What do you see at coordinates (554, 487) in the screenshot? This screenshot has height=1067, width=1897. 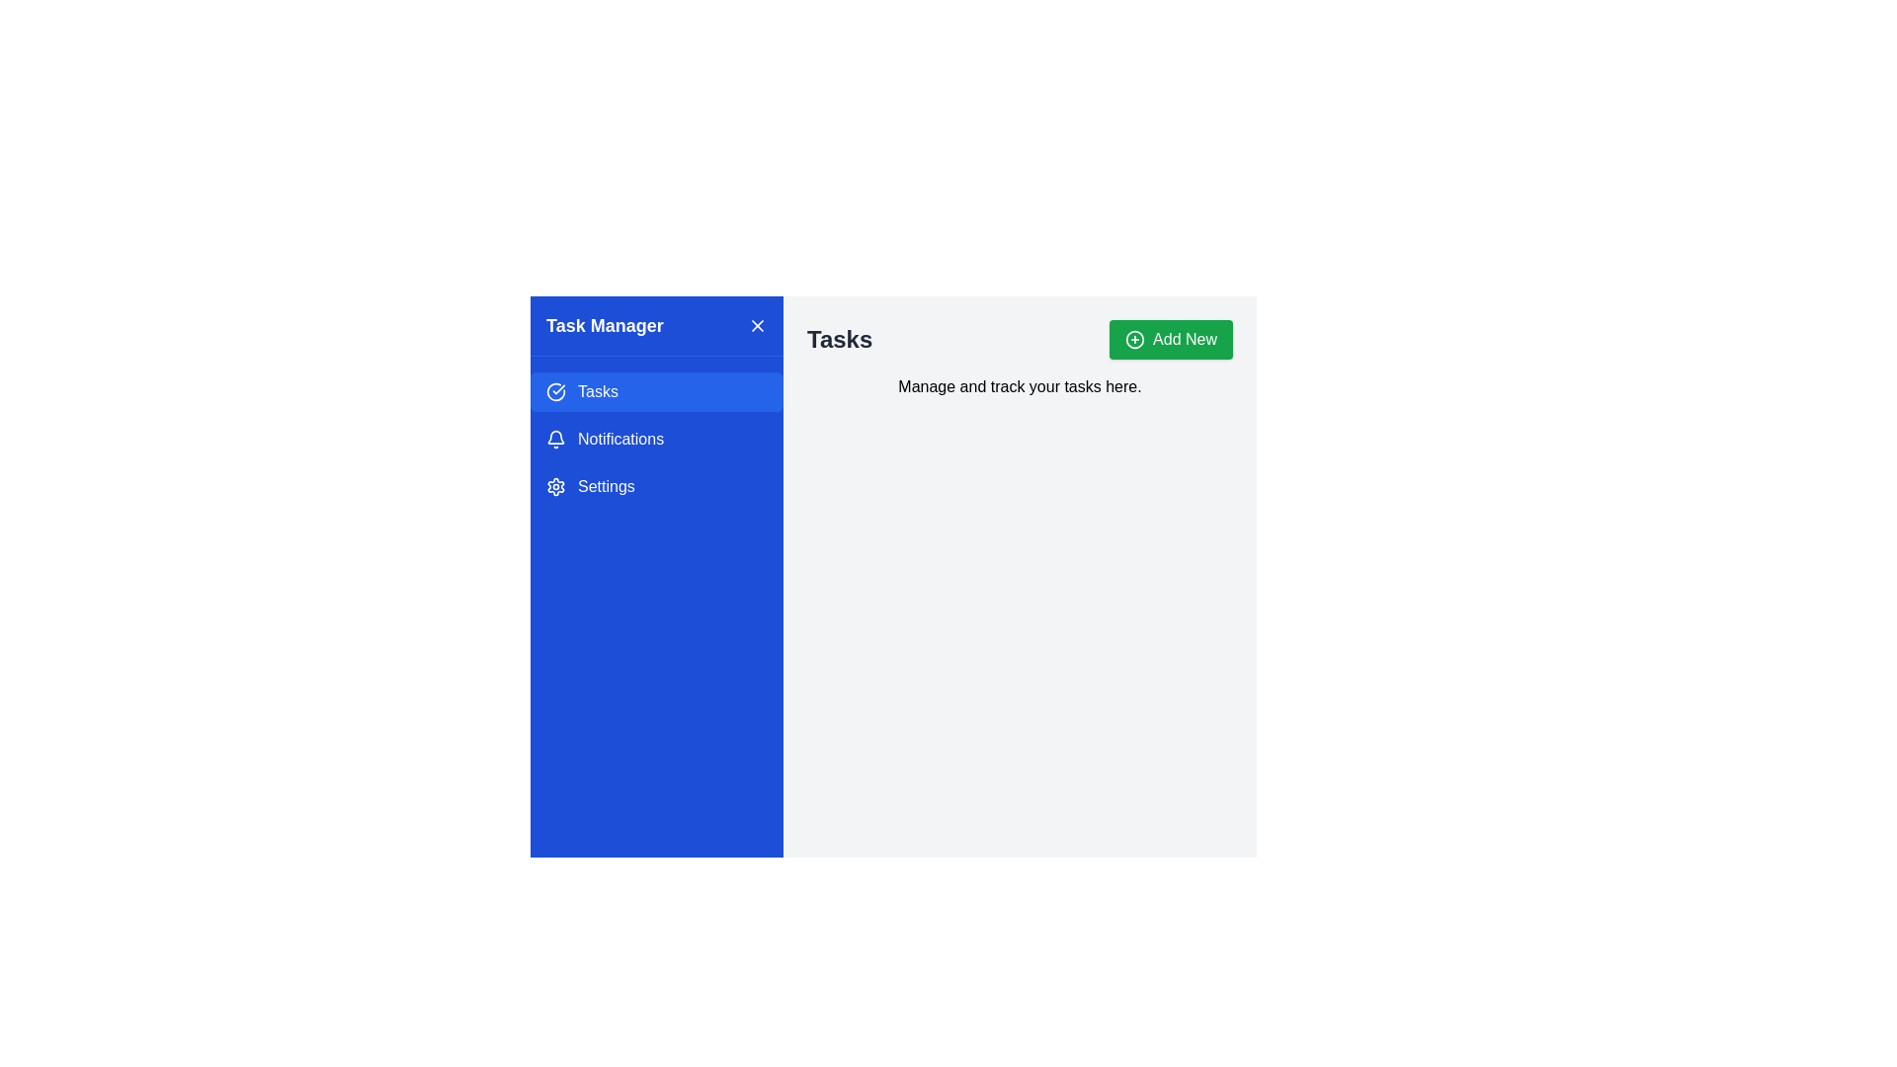 I see `the settings icon located in the left-hand vertical navigation panel, which is the third item in the stack of icons` at bounding box center [554, 487].